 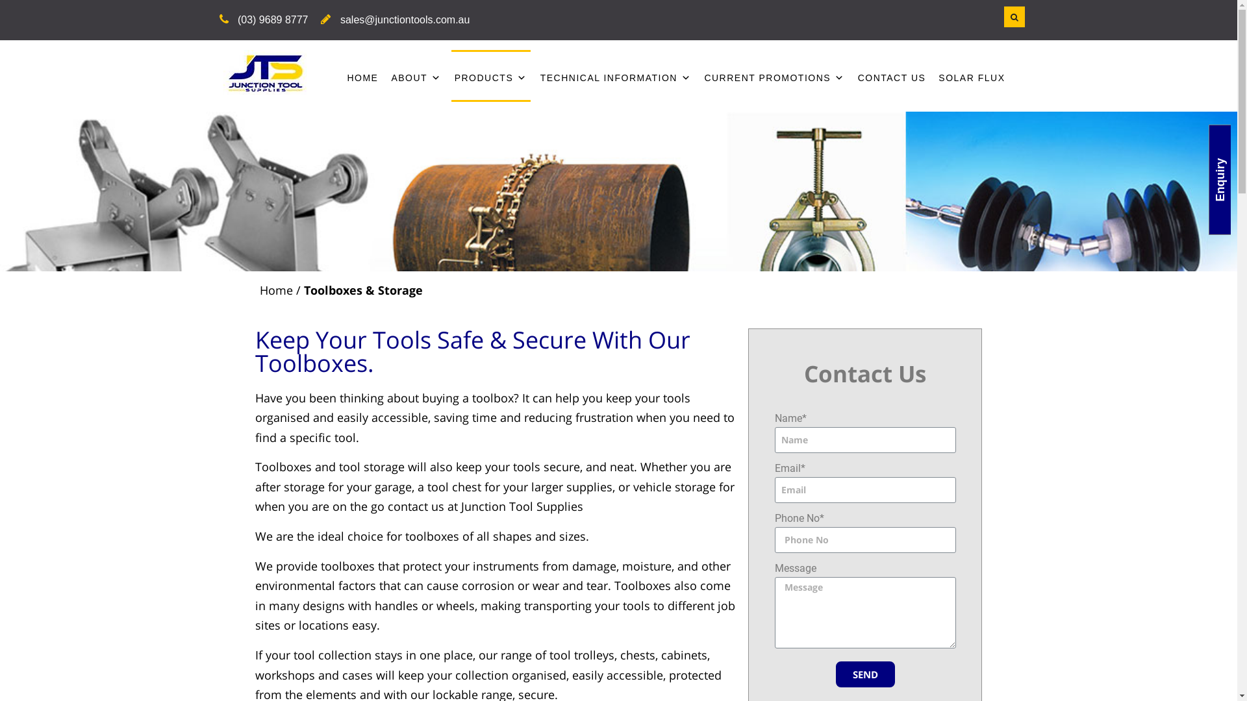 What do you see at coordinates (490, 75) in the screenshot?
I see `'PRODUCTS'` at bounding box center [490, 75].